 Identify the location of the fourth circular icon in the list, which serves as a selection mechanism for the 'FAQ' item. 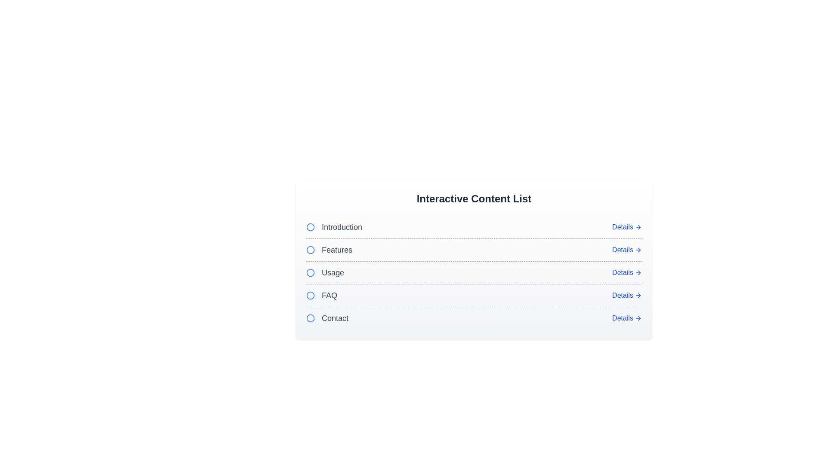
(310, 295).